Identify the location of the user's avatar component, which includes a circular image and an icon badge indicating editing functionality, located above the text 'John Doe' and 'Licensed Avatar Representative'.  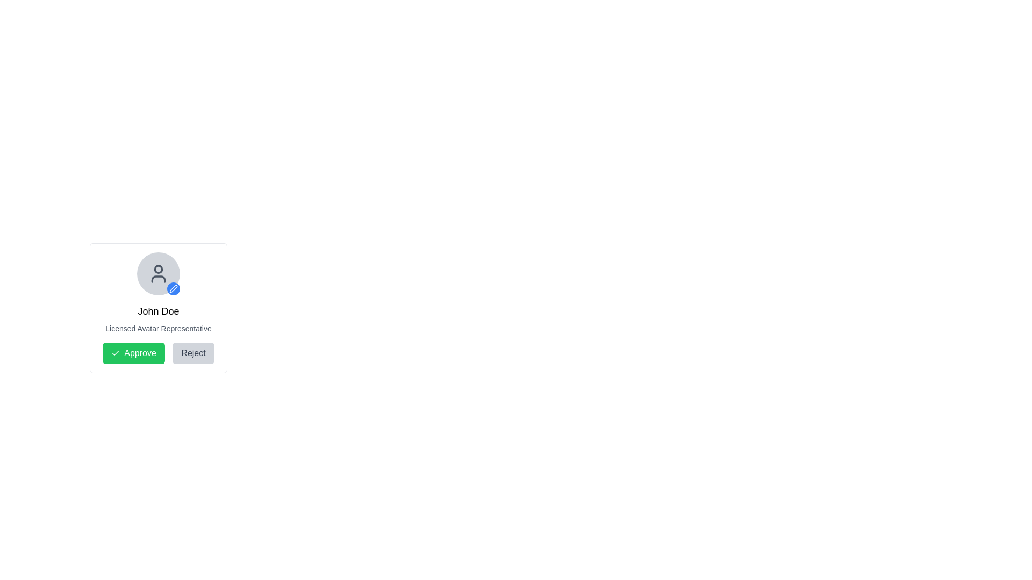
(157, 273).